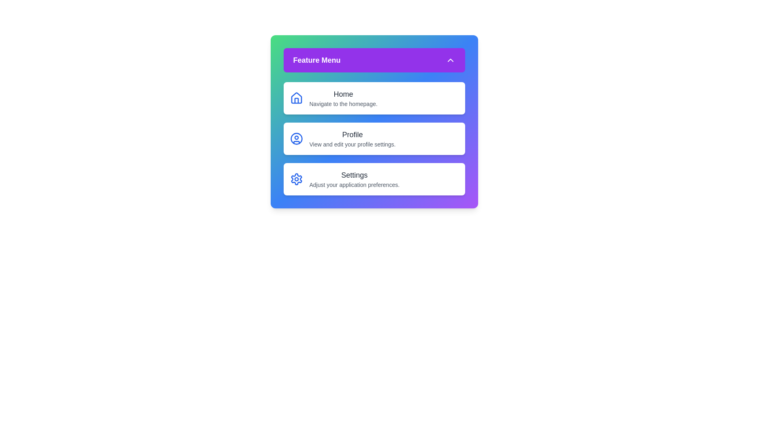 The height and width of the screenshot is (437, 778). Describe the element at coordinates (374, 138) in the screenshot. I see `the menu item labeled Profile` at that location.